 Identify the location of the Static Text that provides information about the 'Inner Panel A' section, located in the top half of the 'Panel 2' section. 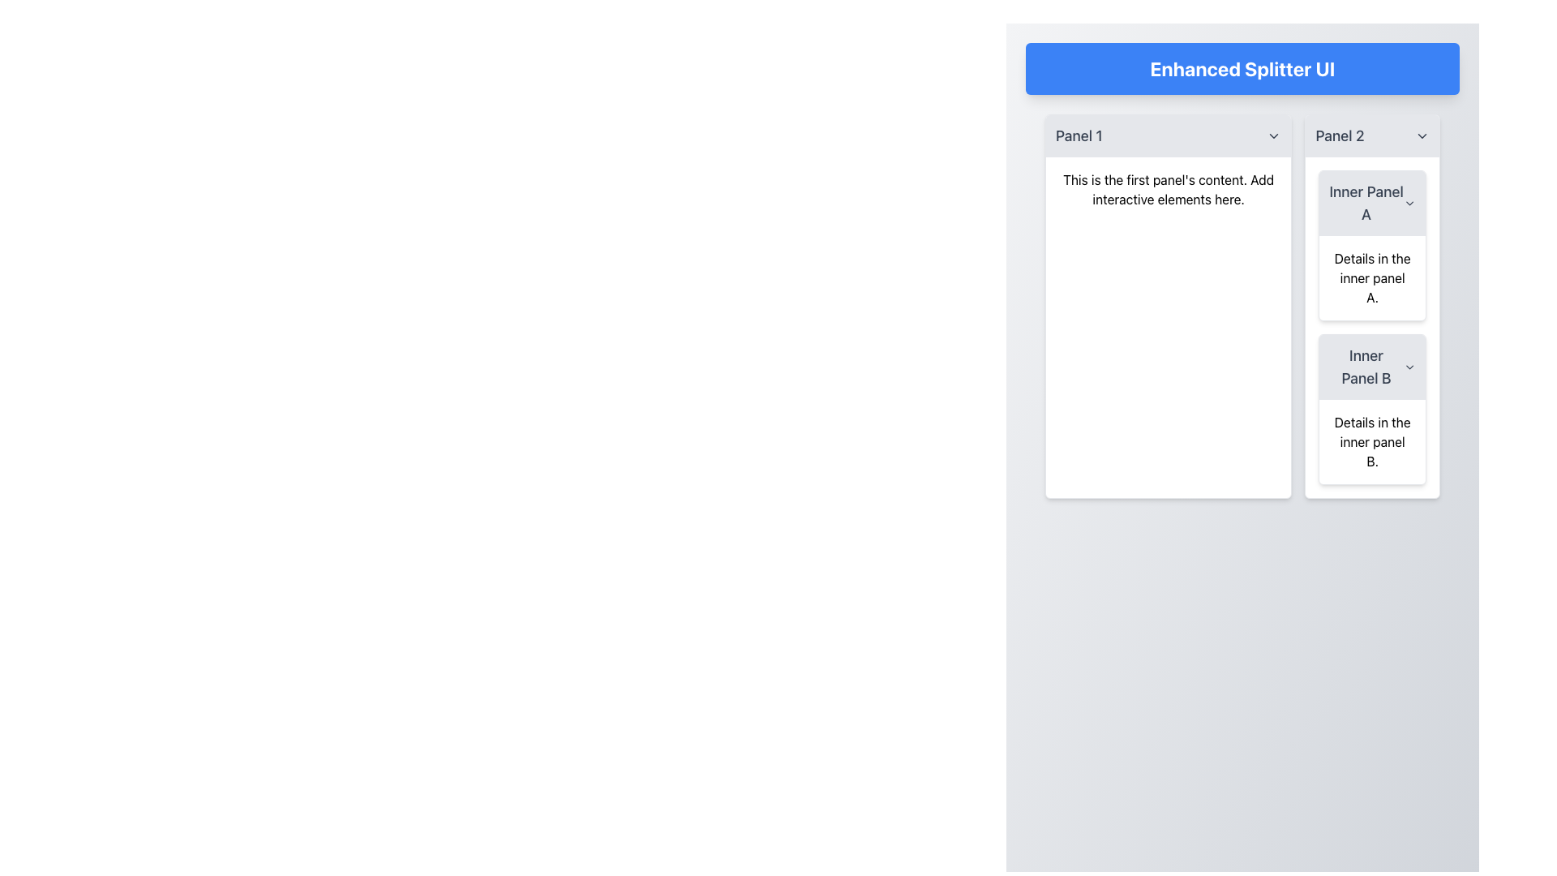
(1371, 277).